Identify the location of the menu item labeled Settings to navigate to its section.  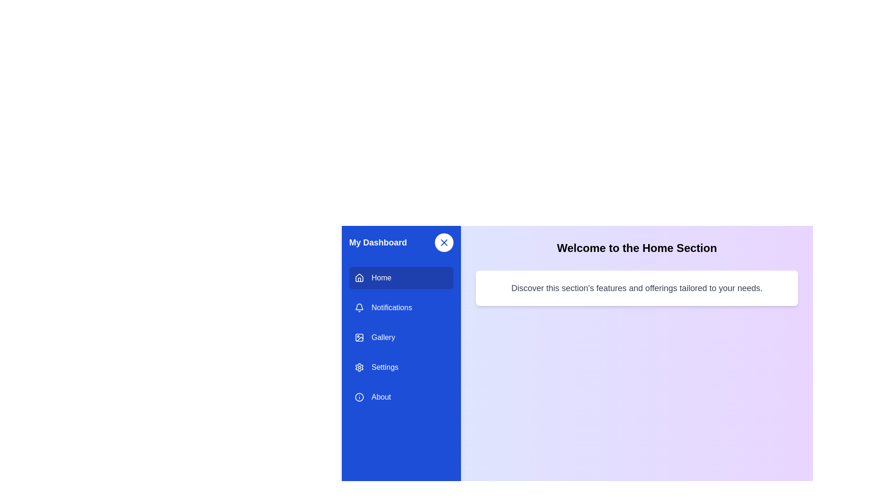
(401, 367).